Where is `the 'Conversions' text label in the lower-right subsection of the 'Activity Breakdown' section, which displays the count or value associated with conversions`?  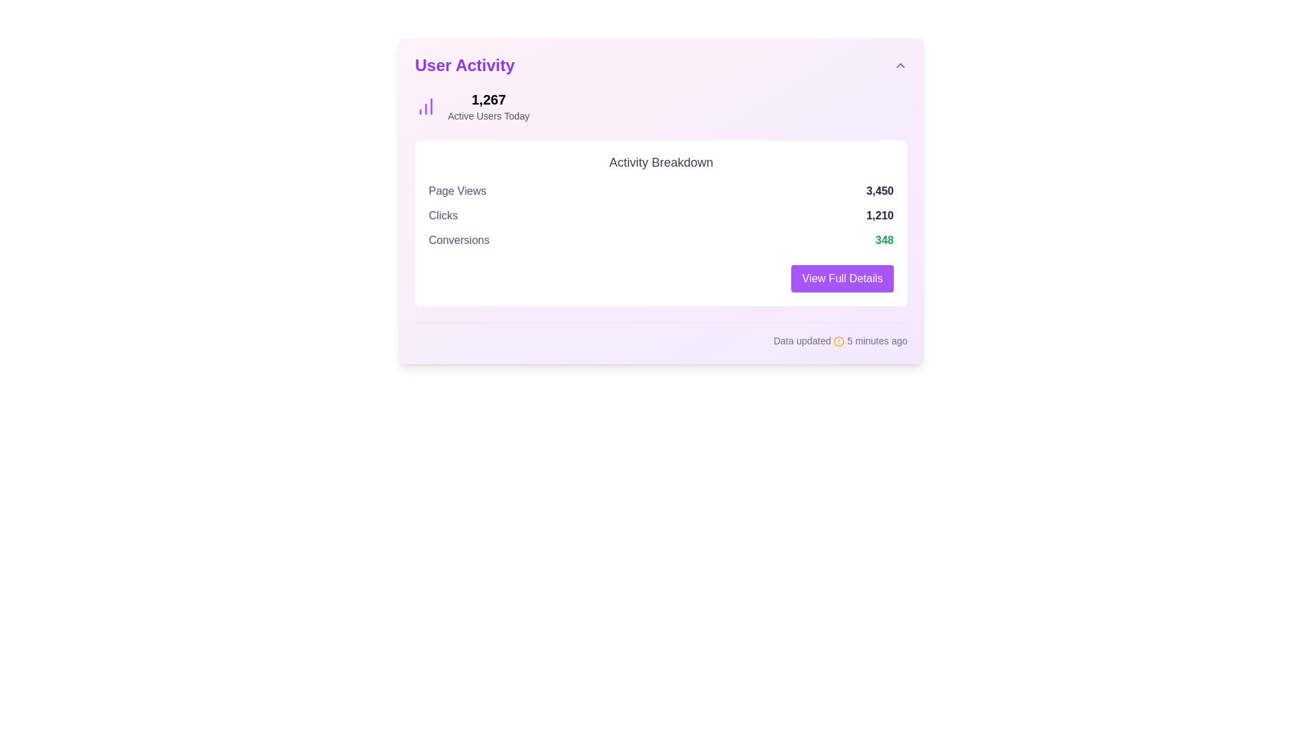 the 'Conversions' text label in the lower-right subsection of the 'Activity Breakdown' section, which displays the count or value associated with conversions is located at coordinates (884, 239).